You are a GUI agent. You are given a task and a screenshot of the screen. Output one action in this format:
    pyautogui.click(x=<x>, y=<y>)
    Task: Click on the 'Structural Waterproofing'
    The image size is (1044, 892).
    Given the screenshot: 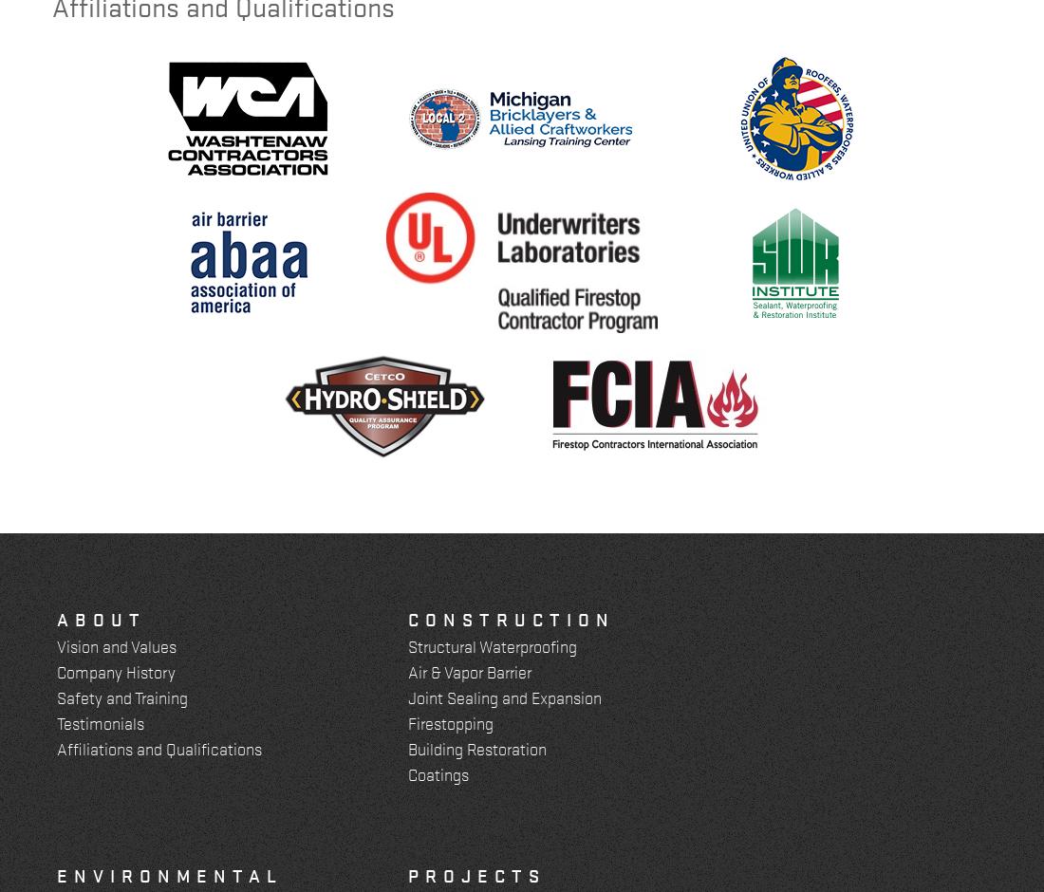 What is the action you would take?
    pyautogui.click(x=492, y=644)
    